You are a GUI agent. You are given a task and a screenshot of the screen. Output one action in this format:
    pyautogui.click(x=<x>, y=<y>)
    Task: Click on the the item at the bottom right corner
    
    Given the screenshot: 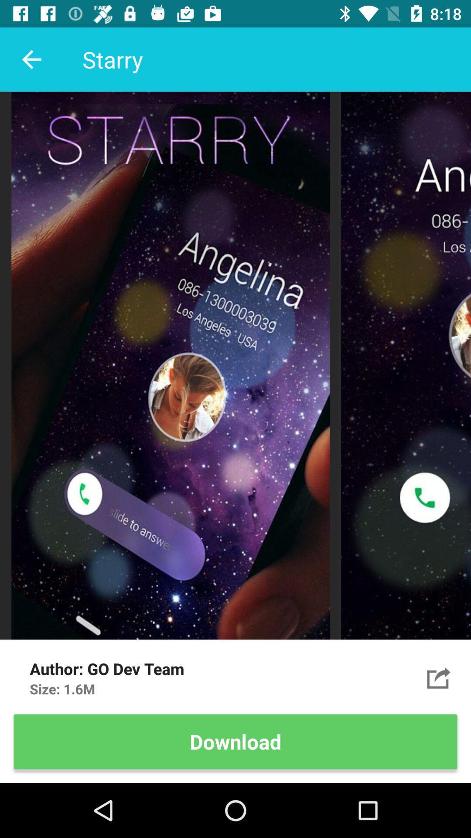 What is the action you would take?
    pyautogui.click(x=439, y=677)
    